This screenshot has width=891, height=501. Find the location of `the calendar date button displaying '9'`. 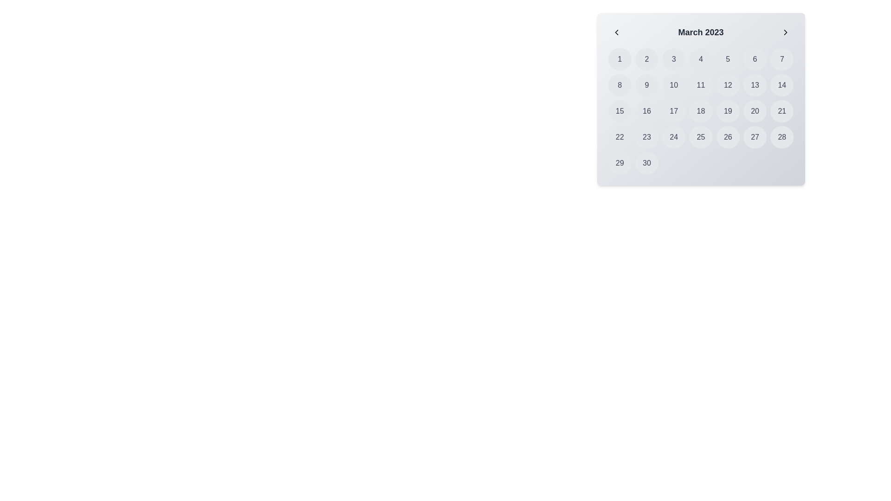

the calendar date button displaying '9' is located at coordinates (646, 85).